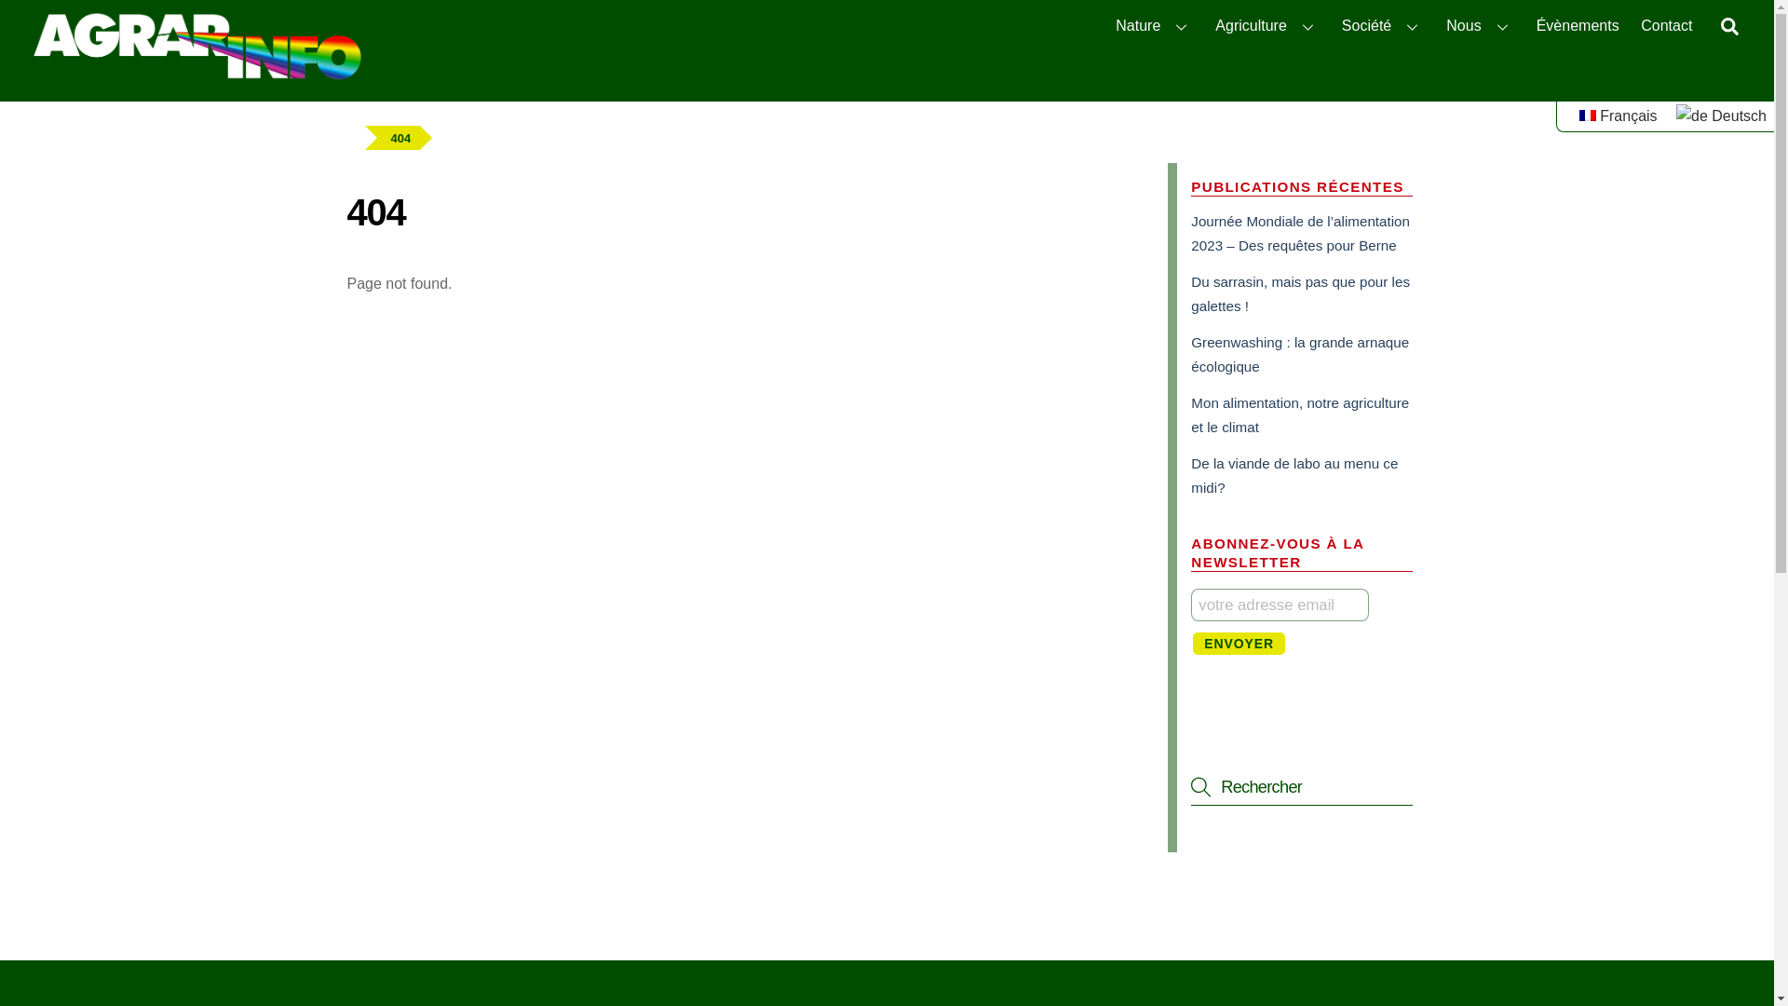  What do you see at coordinates (1667, 25) in the screenshot?
I see `'Contact'` at bounding box center [1667, 25].